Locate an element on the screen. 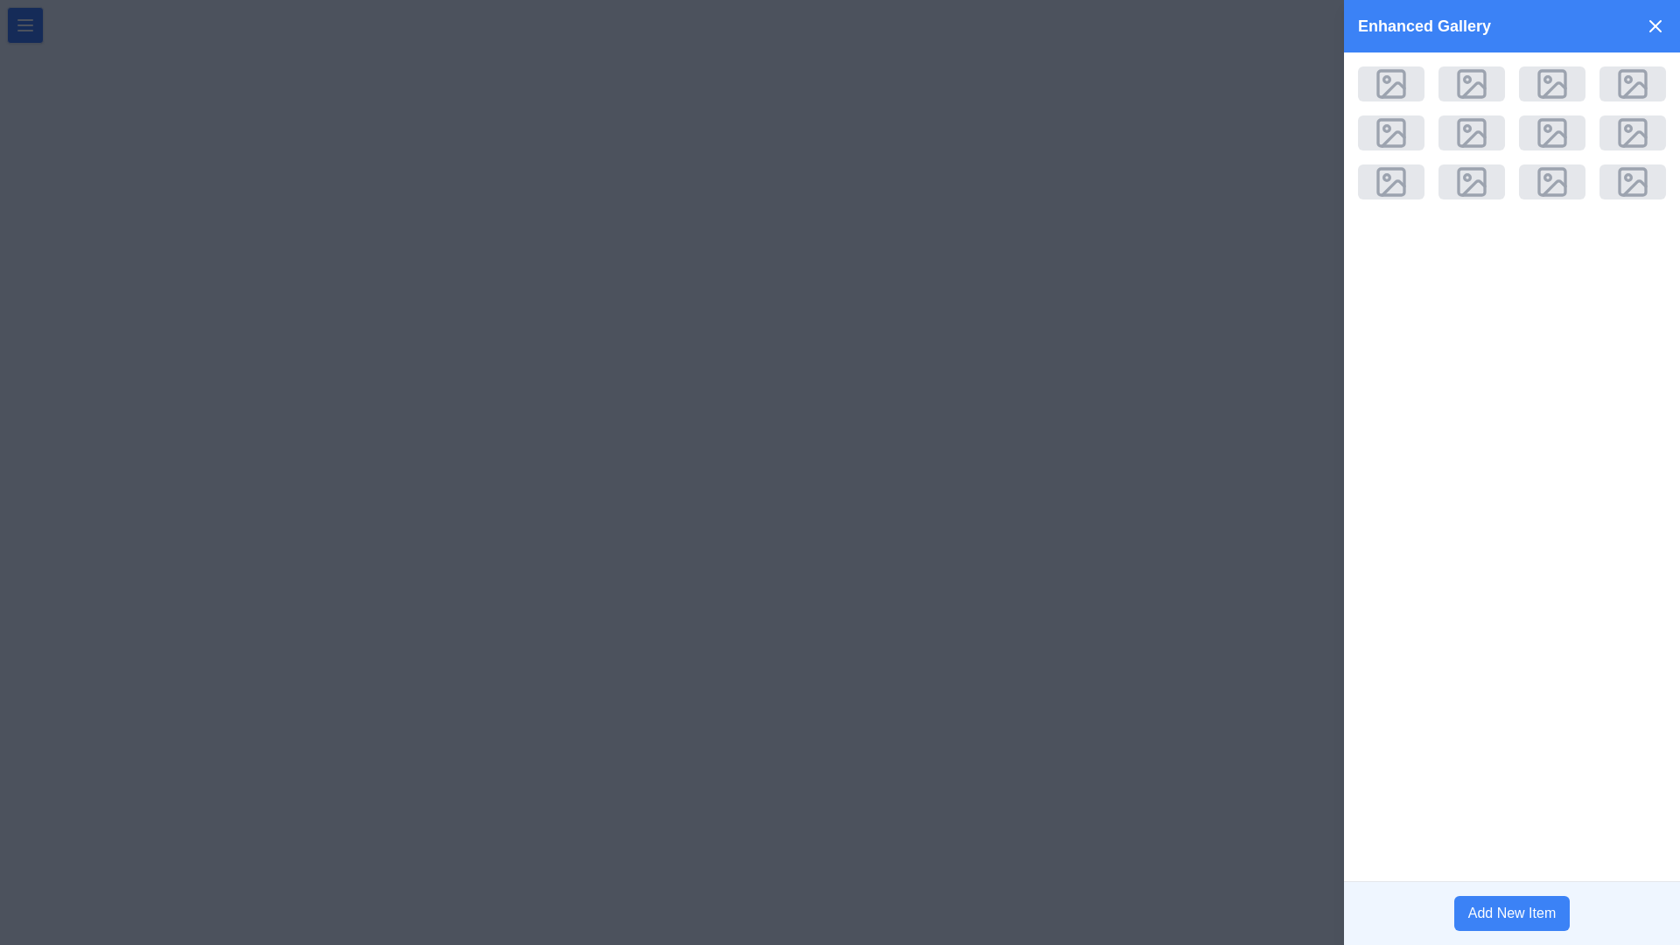 The width and height of the screenshot is (1680, 945). the button is located at coordinates (1470, 84).